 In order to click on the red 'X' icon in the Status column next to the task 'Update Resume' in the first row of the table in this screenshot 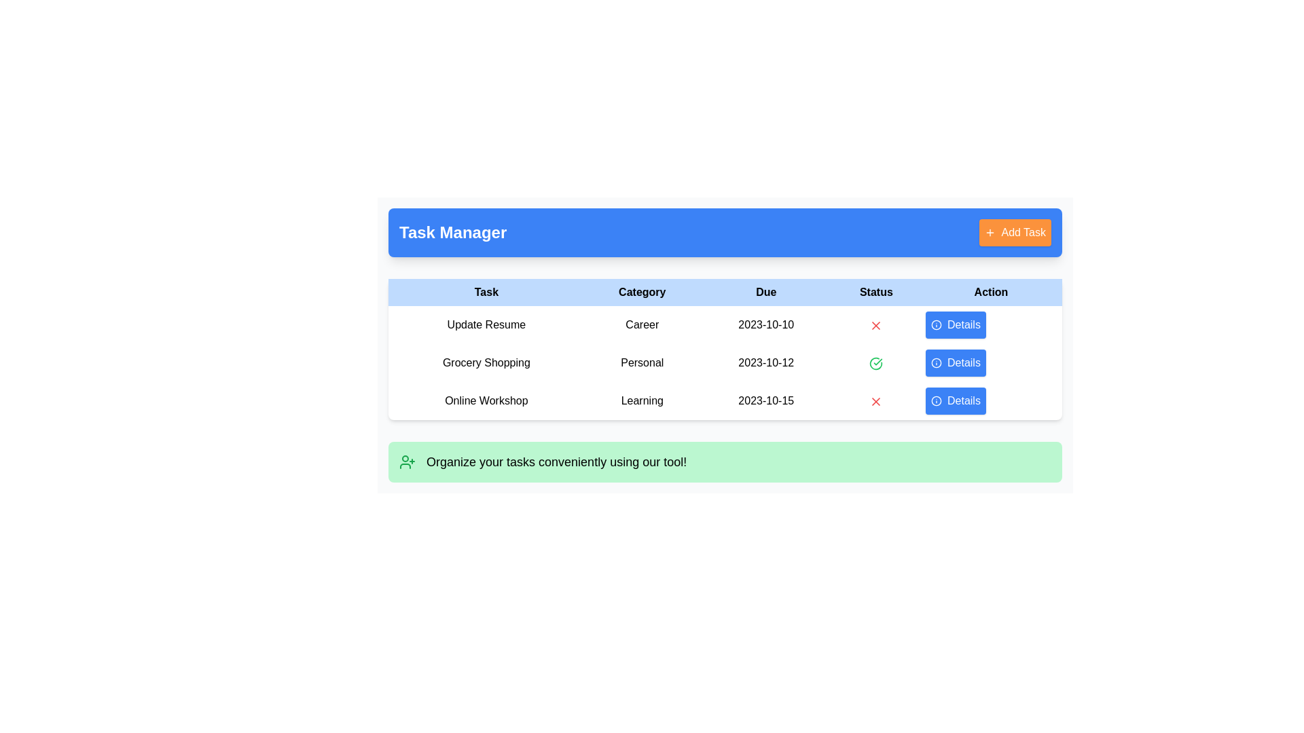, I will do `click(876, 325)`.